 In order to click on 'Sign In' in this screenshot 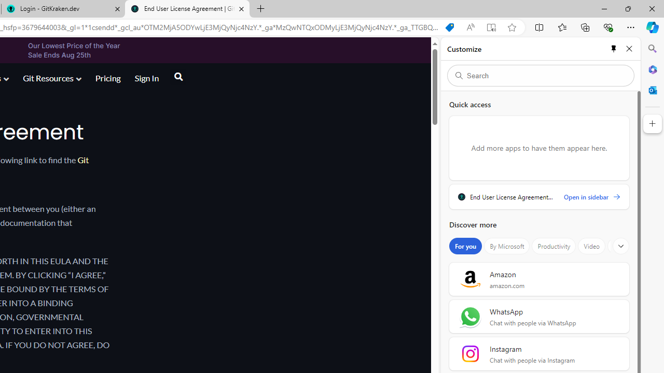, I will do `click(146, 79)`.